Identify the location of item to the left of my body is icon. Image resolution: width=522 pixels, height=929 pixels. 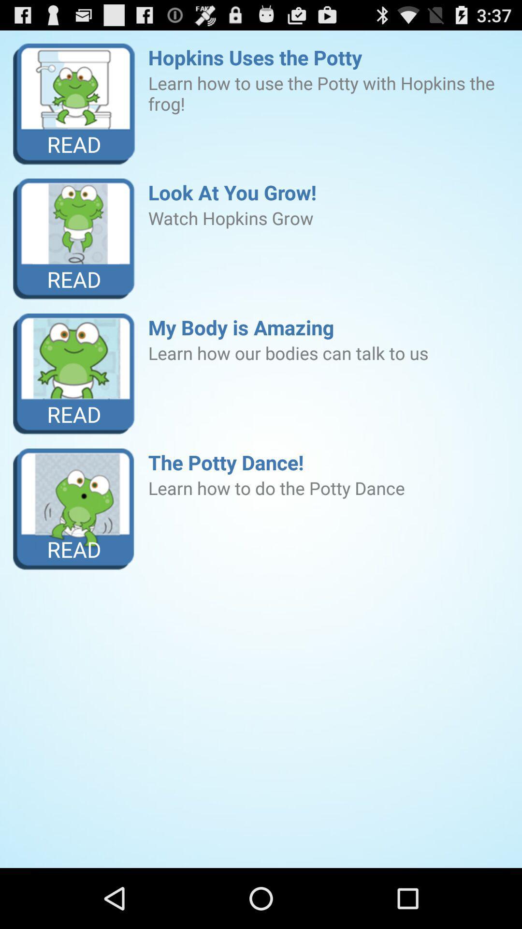
(73, 374).